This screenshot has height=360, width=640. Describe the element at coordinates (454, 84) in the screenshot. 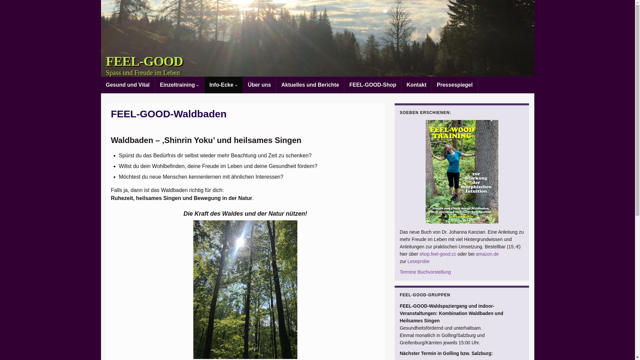

I see `'Pressespiegel'` at that location.